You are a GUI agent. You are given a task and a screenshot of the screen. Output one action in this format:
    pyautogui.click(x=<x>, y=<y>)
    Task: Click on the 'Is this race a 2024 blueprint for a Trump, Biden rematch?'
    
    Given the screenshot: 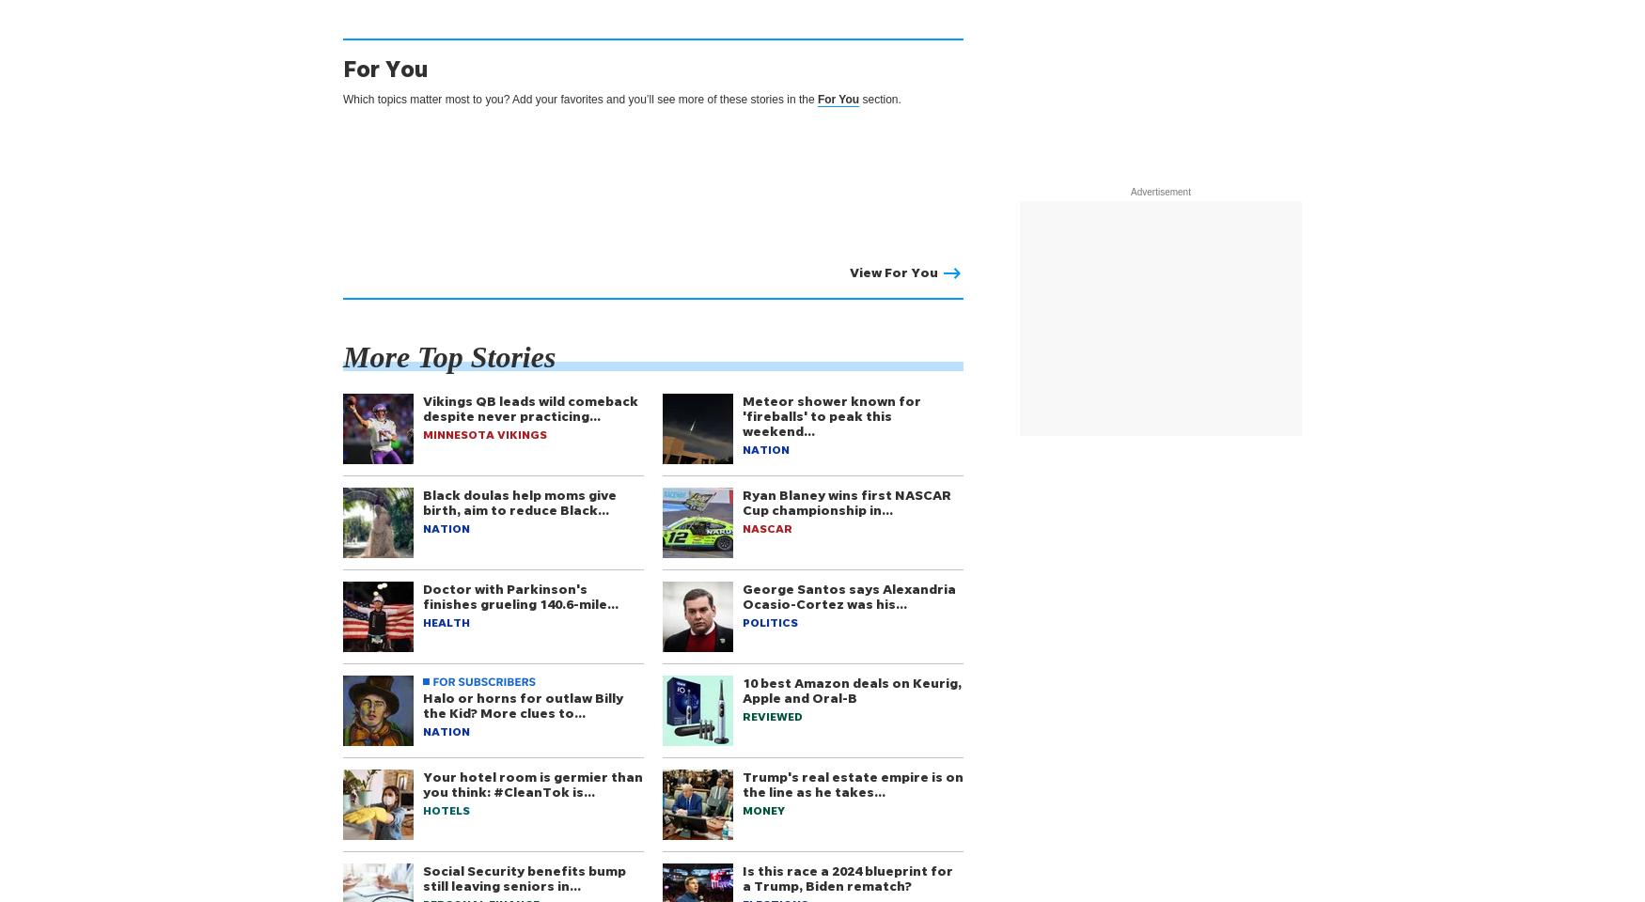 What is the action you would take?
    pyautogui.click(x=846, y=878)
    